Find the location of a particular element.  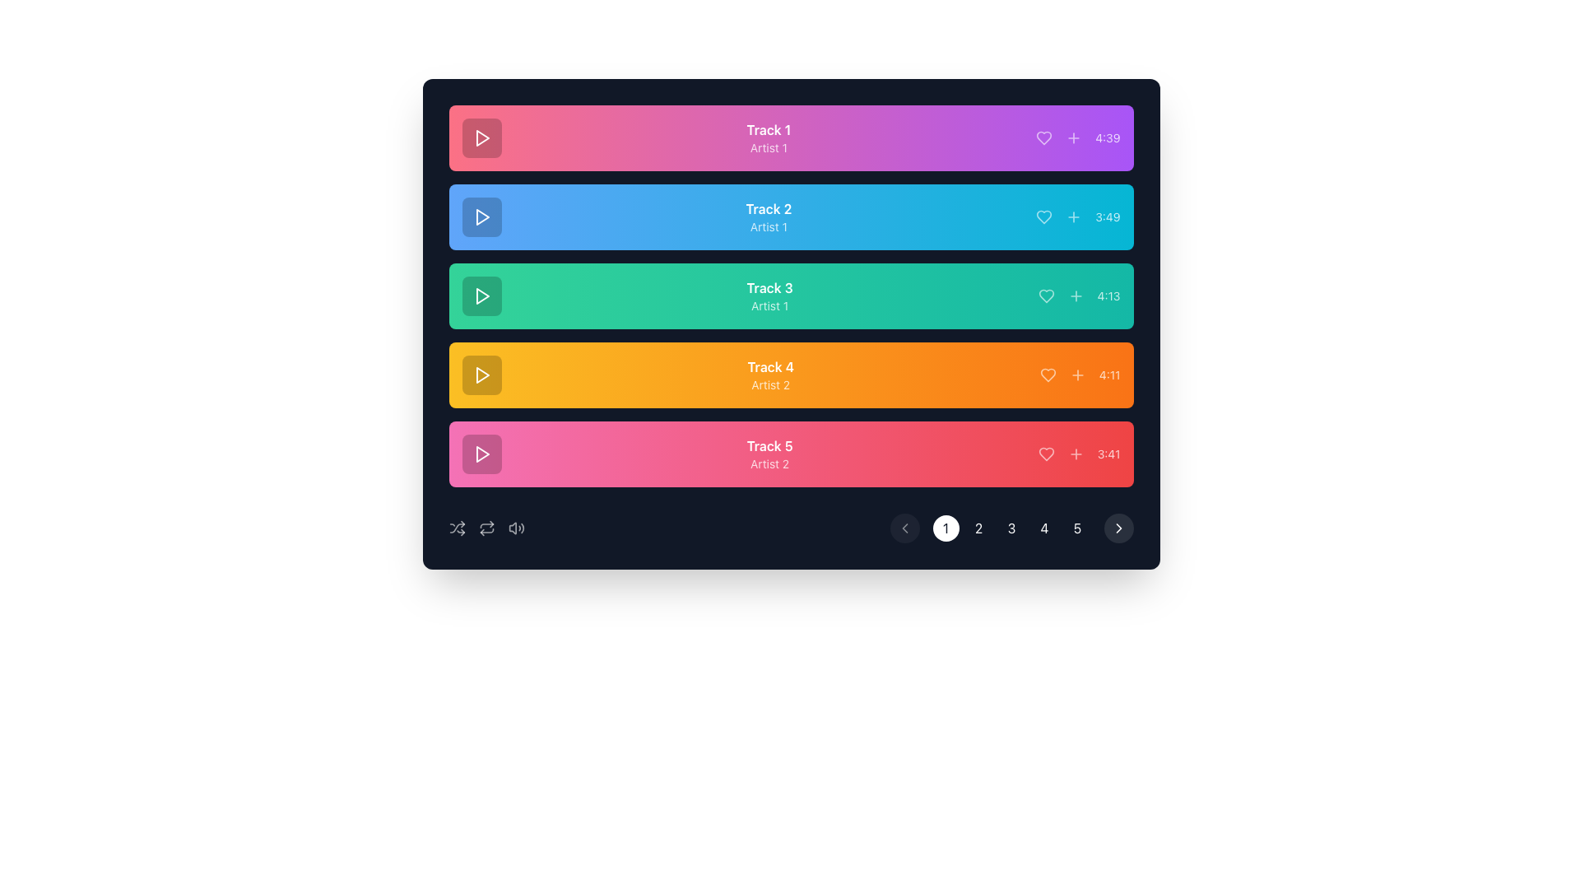

the static text component displaying 'Track 3' by 'Artist 1', which is located in the track list between 'Track 2' and 'Track 4' is located at coordinates (769, 295).